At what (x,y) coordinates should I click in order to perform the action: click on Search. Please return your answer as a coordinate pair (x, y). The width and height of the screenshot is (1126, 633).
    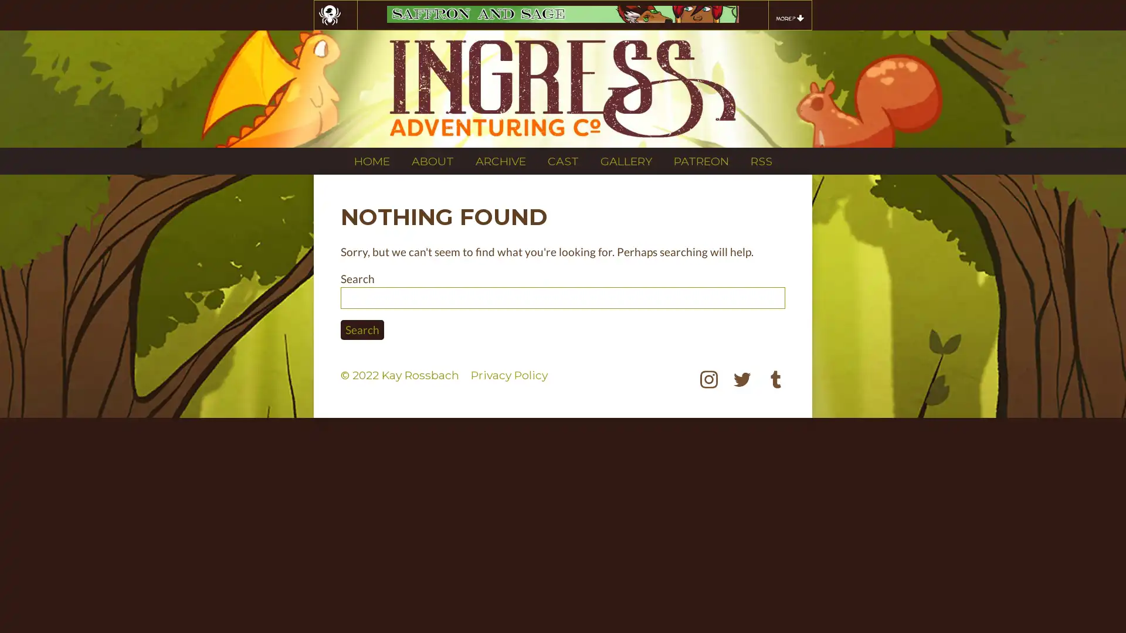
    Looking at the image, I should click on (362, 329).